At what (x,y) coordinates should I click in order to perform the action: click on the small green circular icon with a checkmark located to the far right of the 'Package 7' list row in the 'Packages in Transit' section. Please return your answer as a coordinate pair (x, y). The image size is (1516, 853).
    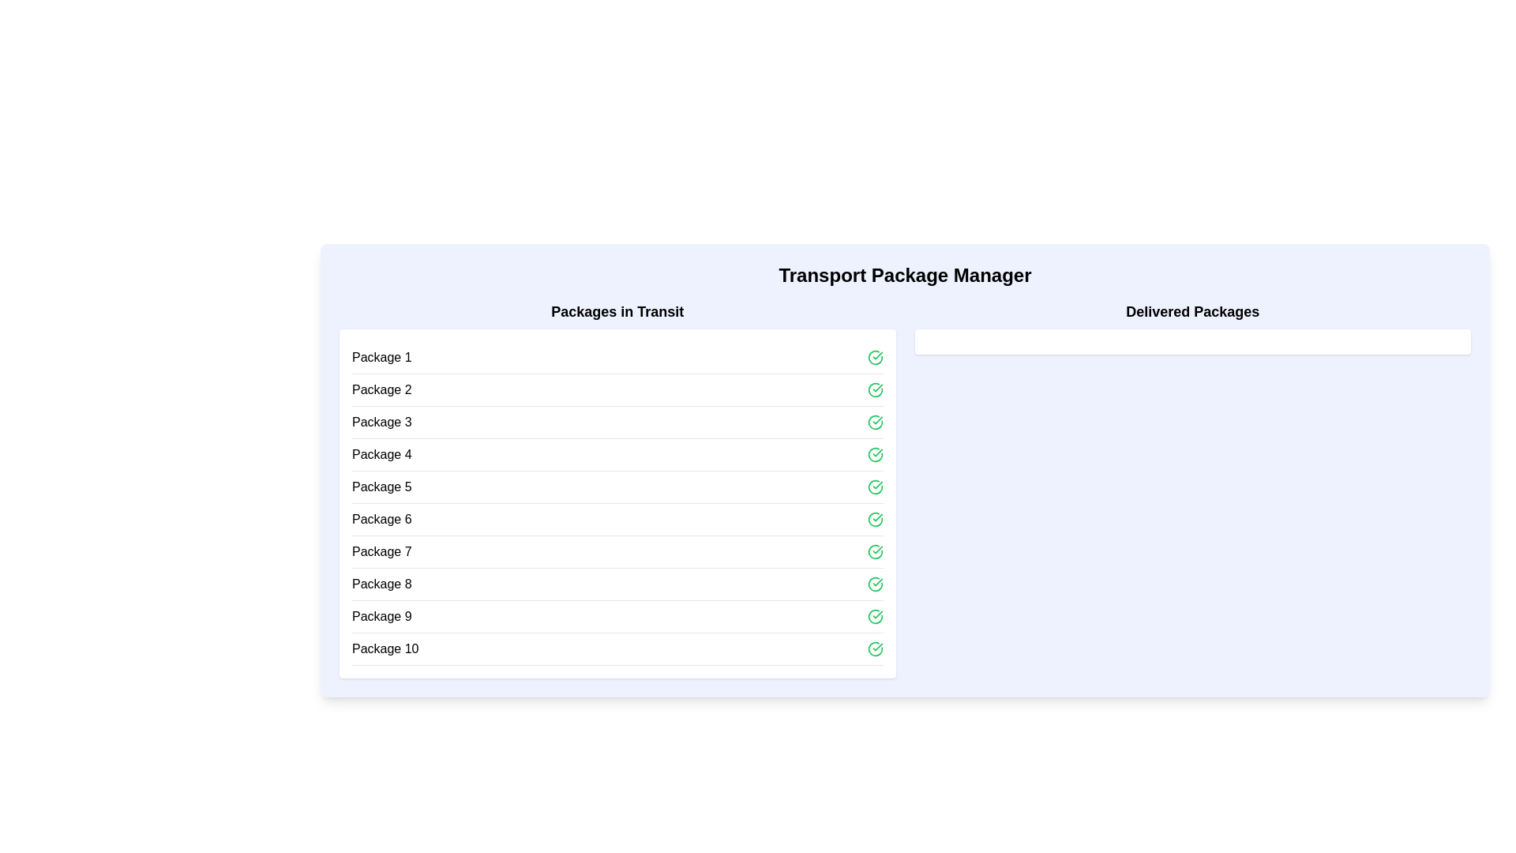
    Looking at the image, I should click on (874, 551).